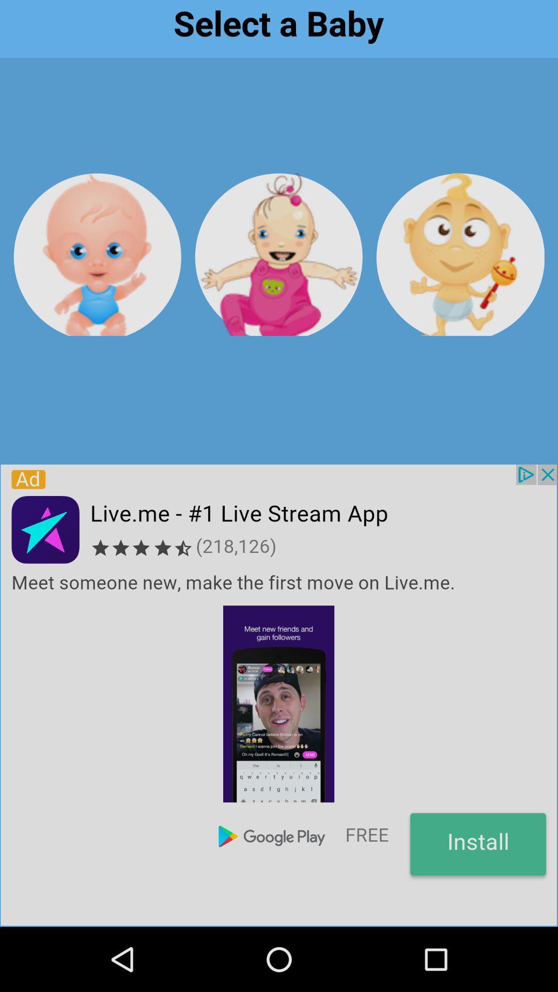 The width and height of the screenshot is (558, 992). I want to click on 3rd baby, so click(460, 254).